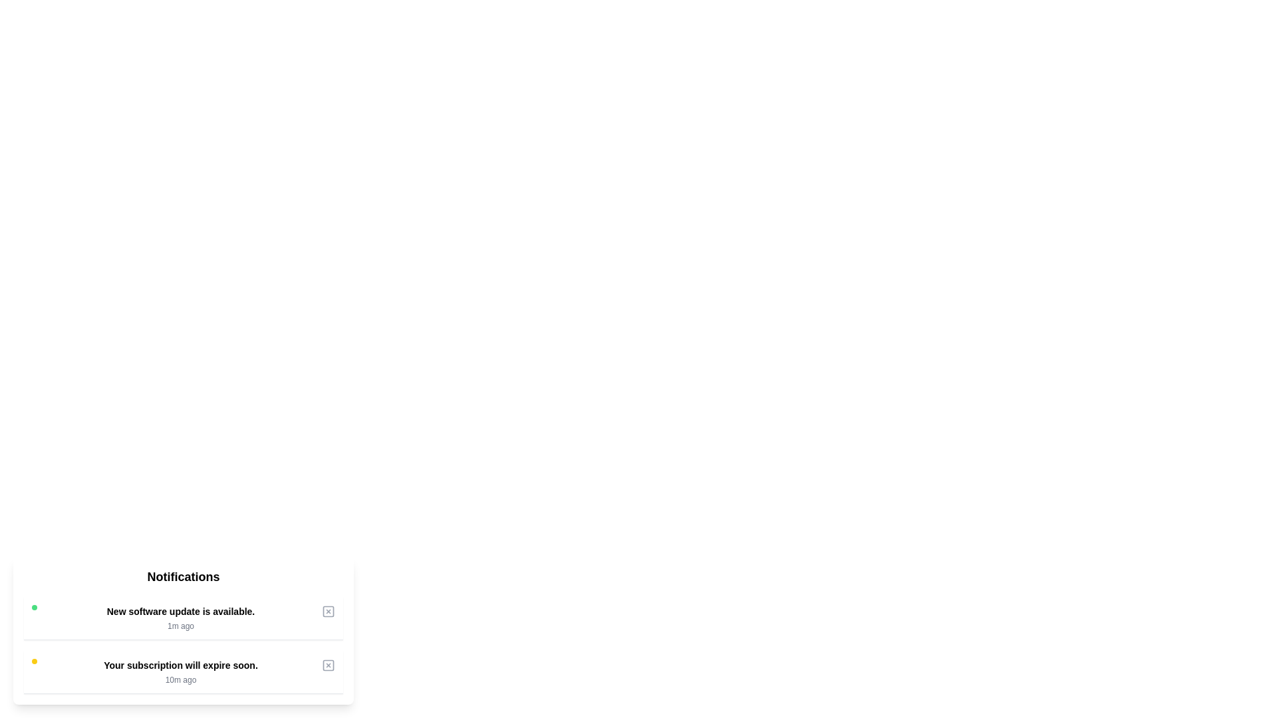 This screenshot has width=1277, height=718. Describe the element at coordinates (180, 671) in the screenshot. I see `subscription status notification text block located in the lower notification section, which includes a yellow dot to the left and an 'X' button to the right` at that location.